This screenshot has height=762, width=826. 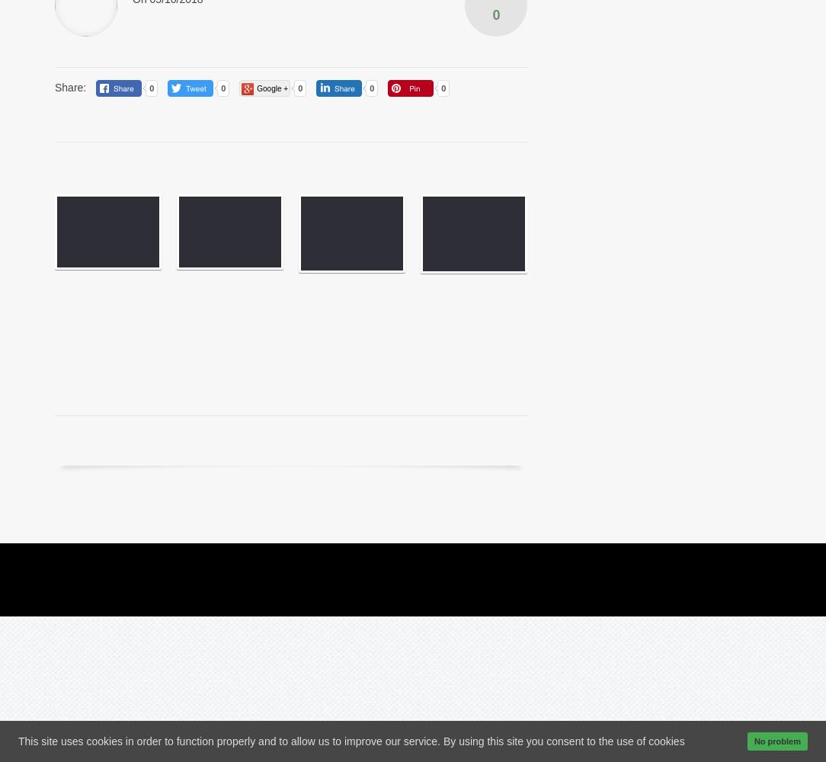 I want to click on 'OIA BREXIT Forum', so click(x=463, y=438).